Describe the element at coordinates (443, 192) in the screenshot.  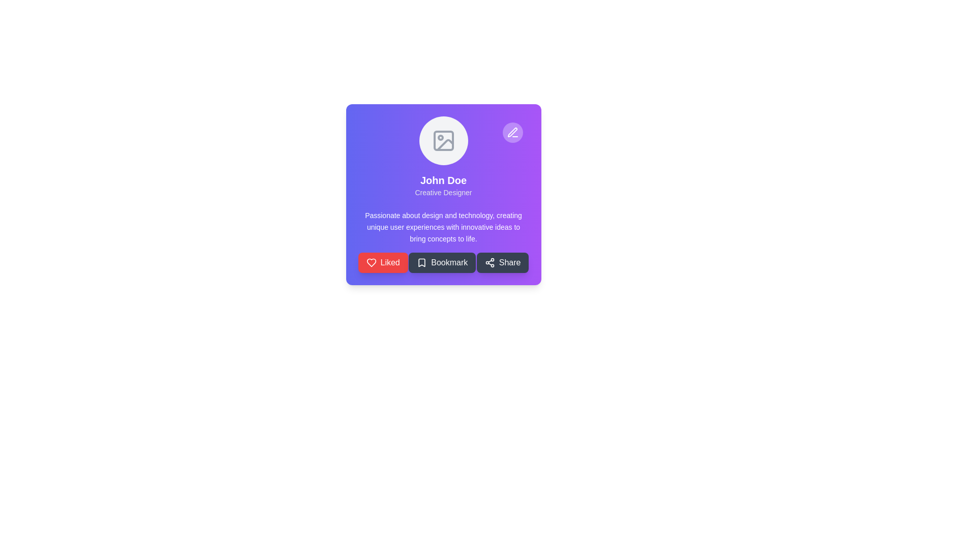
I see `the 'Creative Designer' text label` at that location.